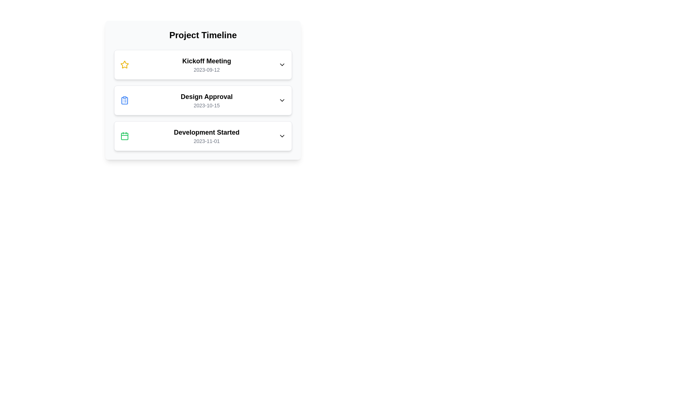  What do you see at coordinates (203, 100) in the screenshot?
I see `the second item in the project timeline list` at bounding box center [203, 100].